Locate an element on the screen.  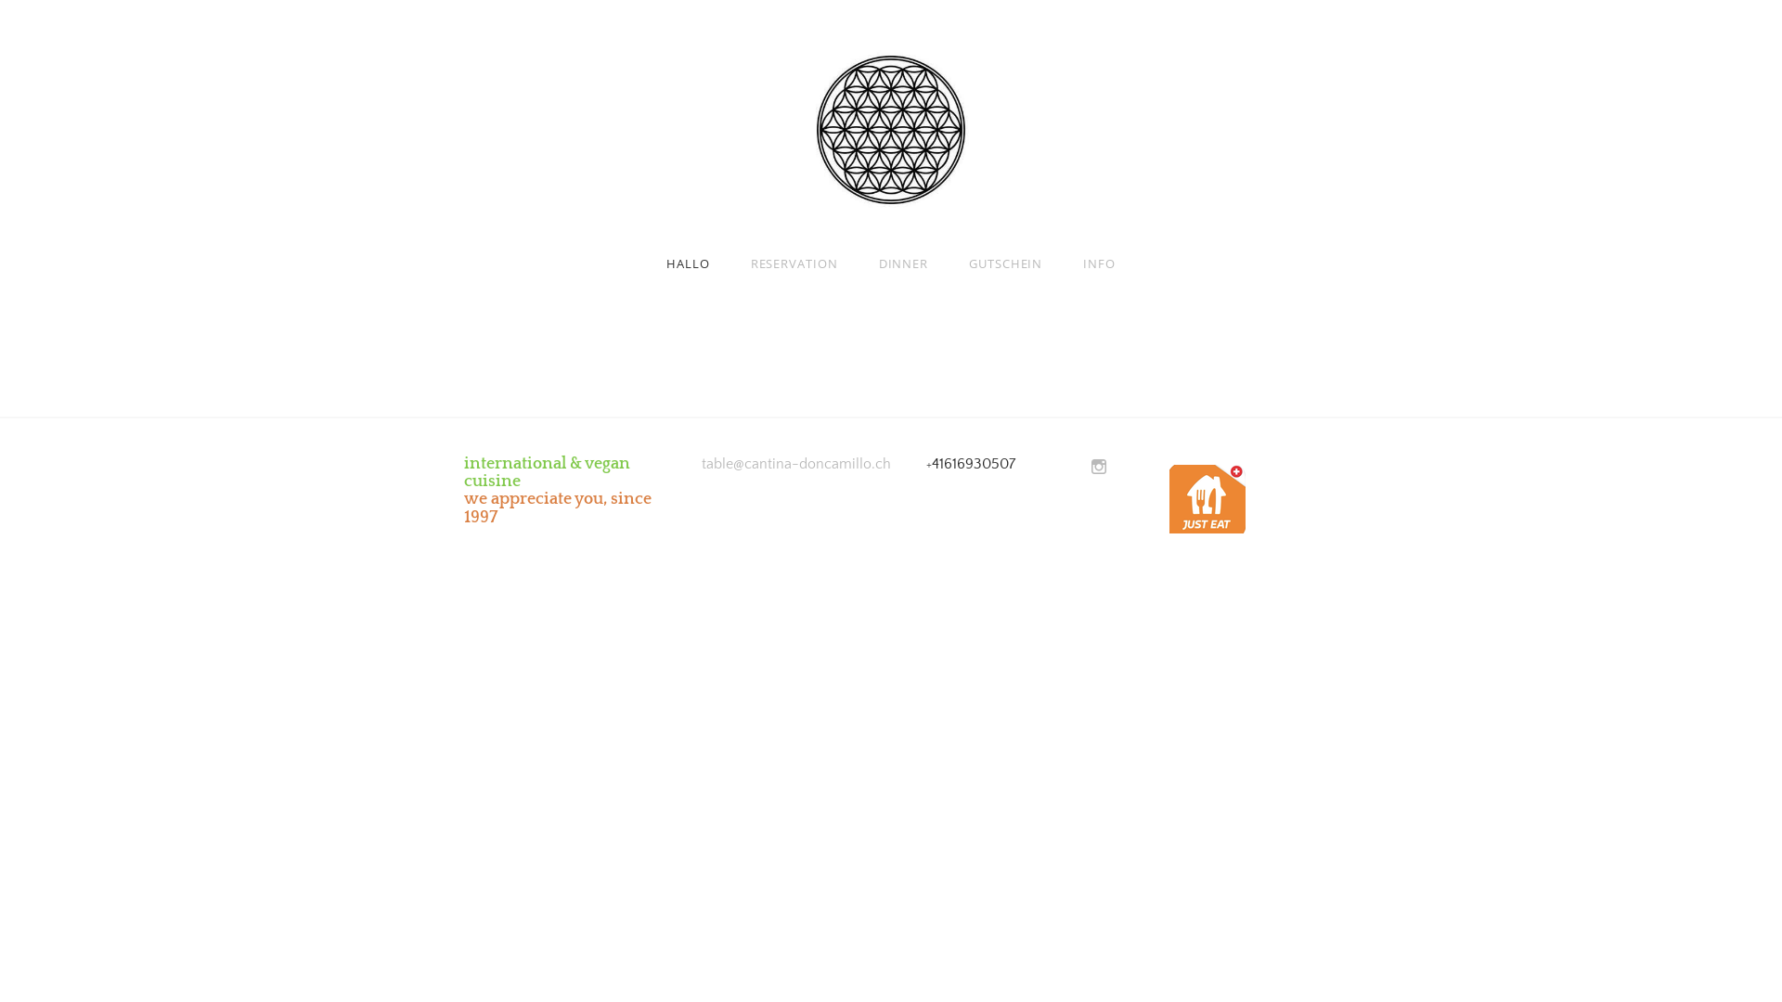
'41616930507' is located at coordinates (973, 464).